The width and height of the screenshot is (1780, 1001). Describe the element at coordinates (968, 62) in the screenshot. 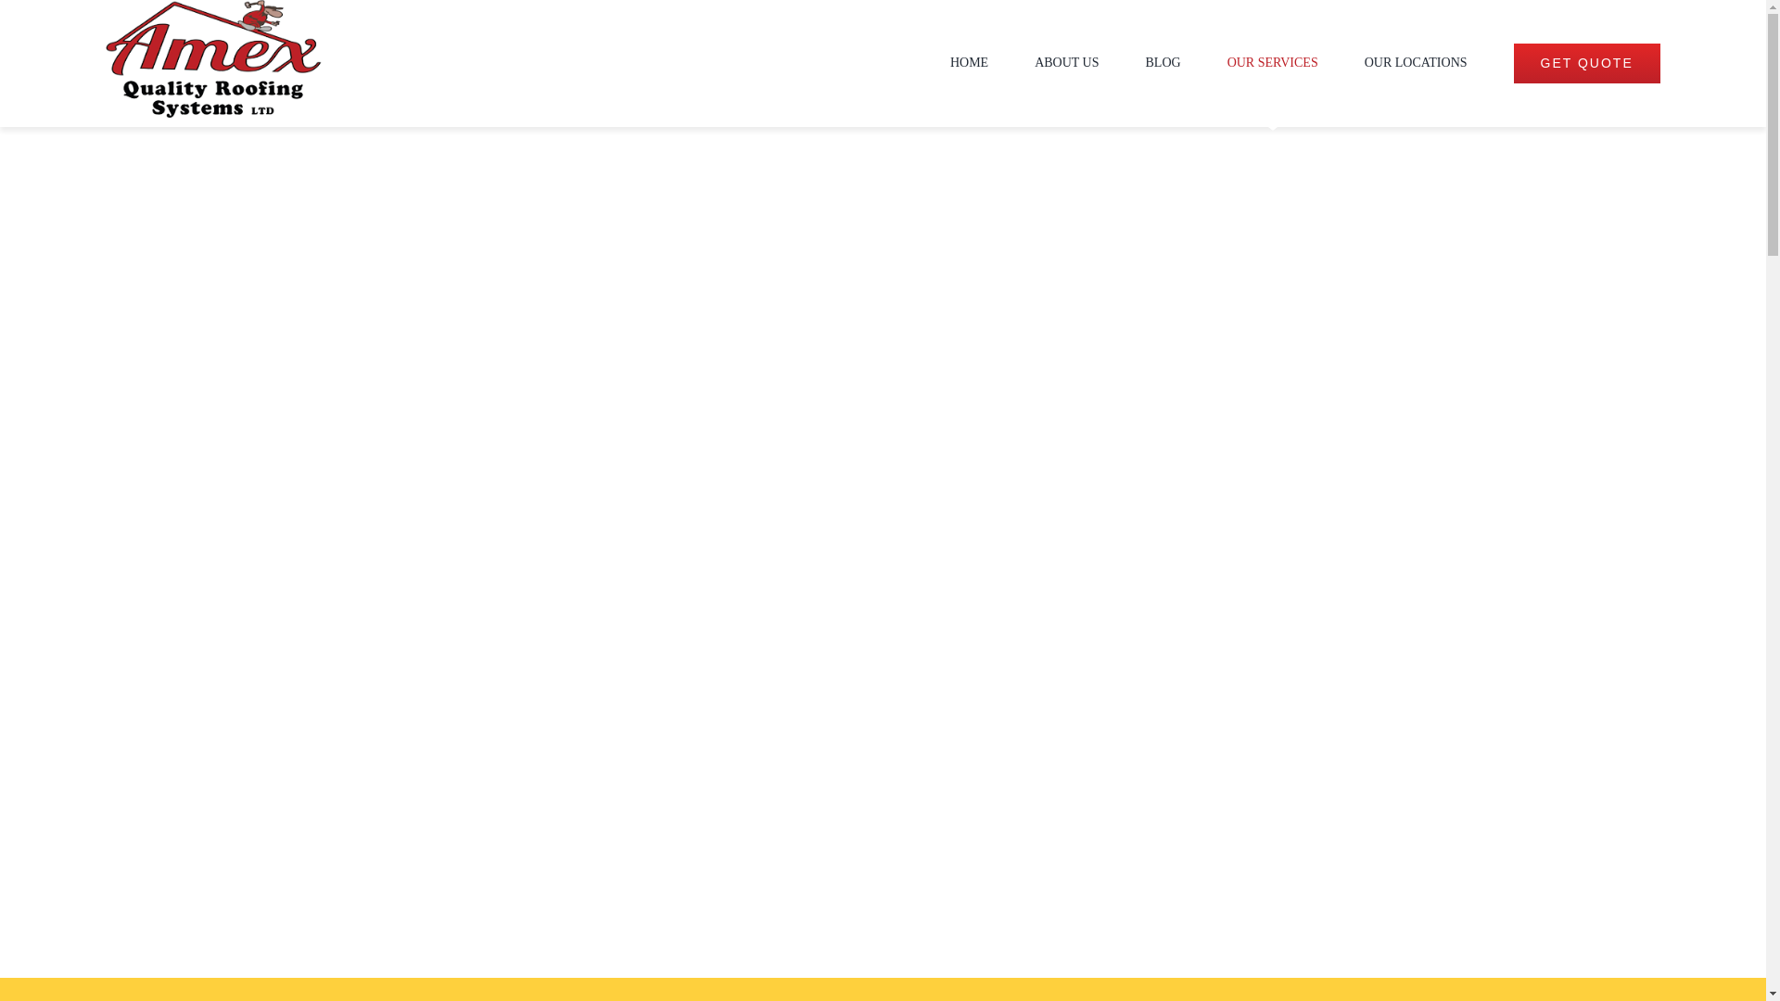

I see `'HOME'` at that location.